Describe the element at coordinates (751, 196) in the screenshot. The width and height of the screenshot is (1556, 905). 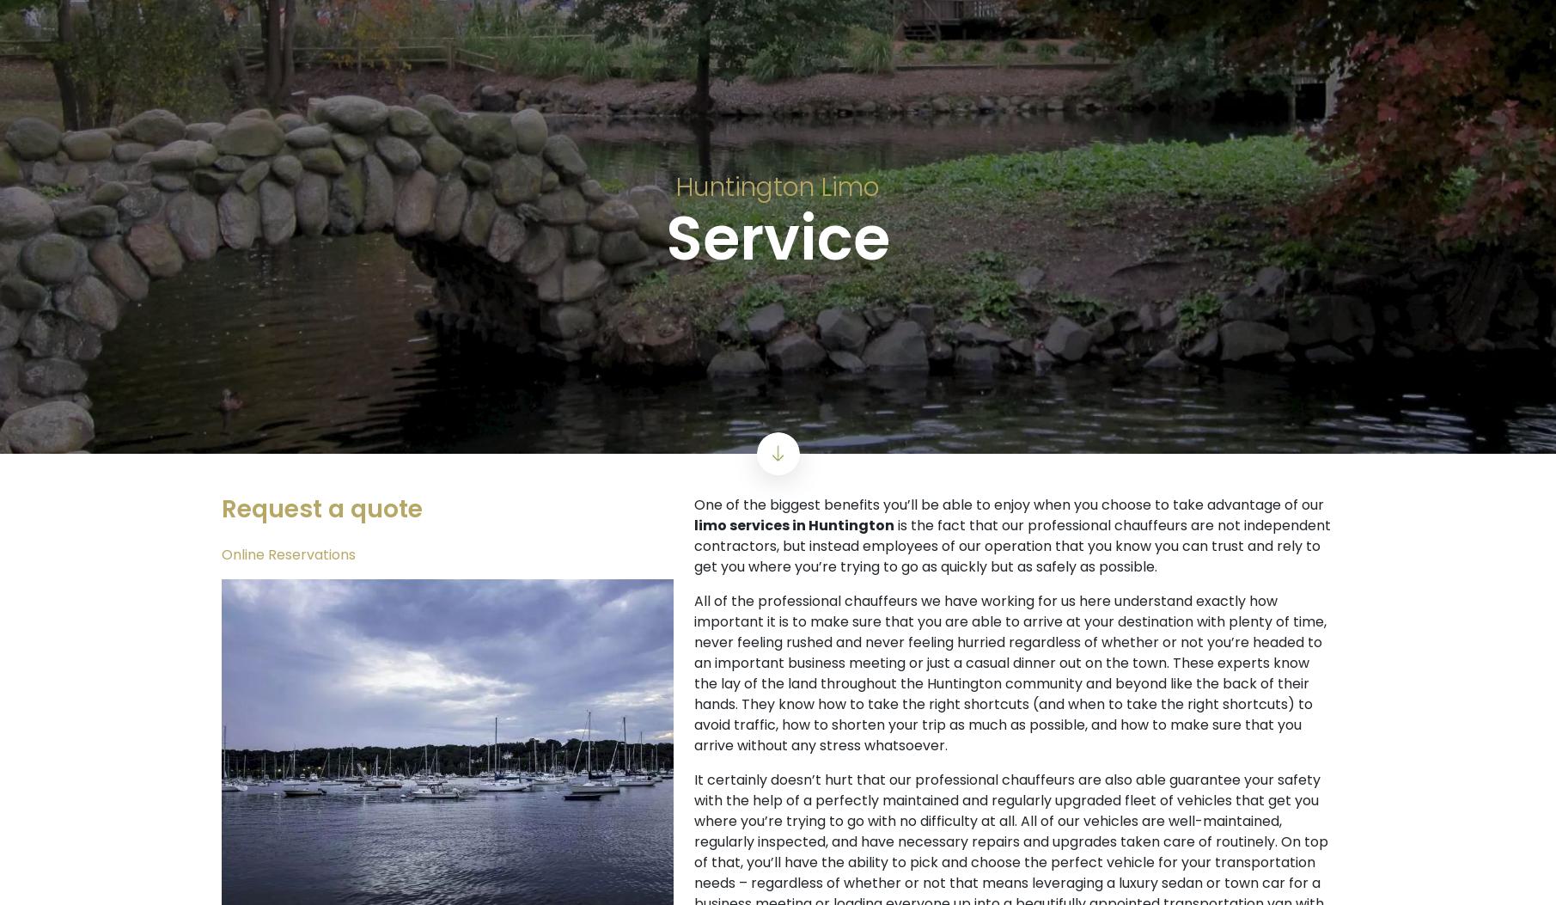
I see `'Book Now'` at that location.